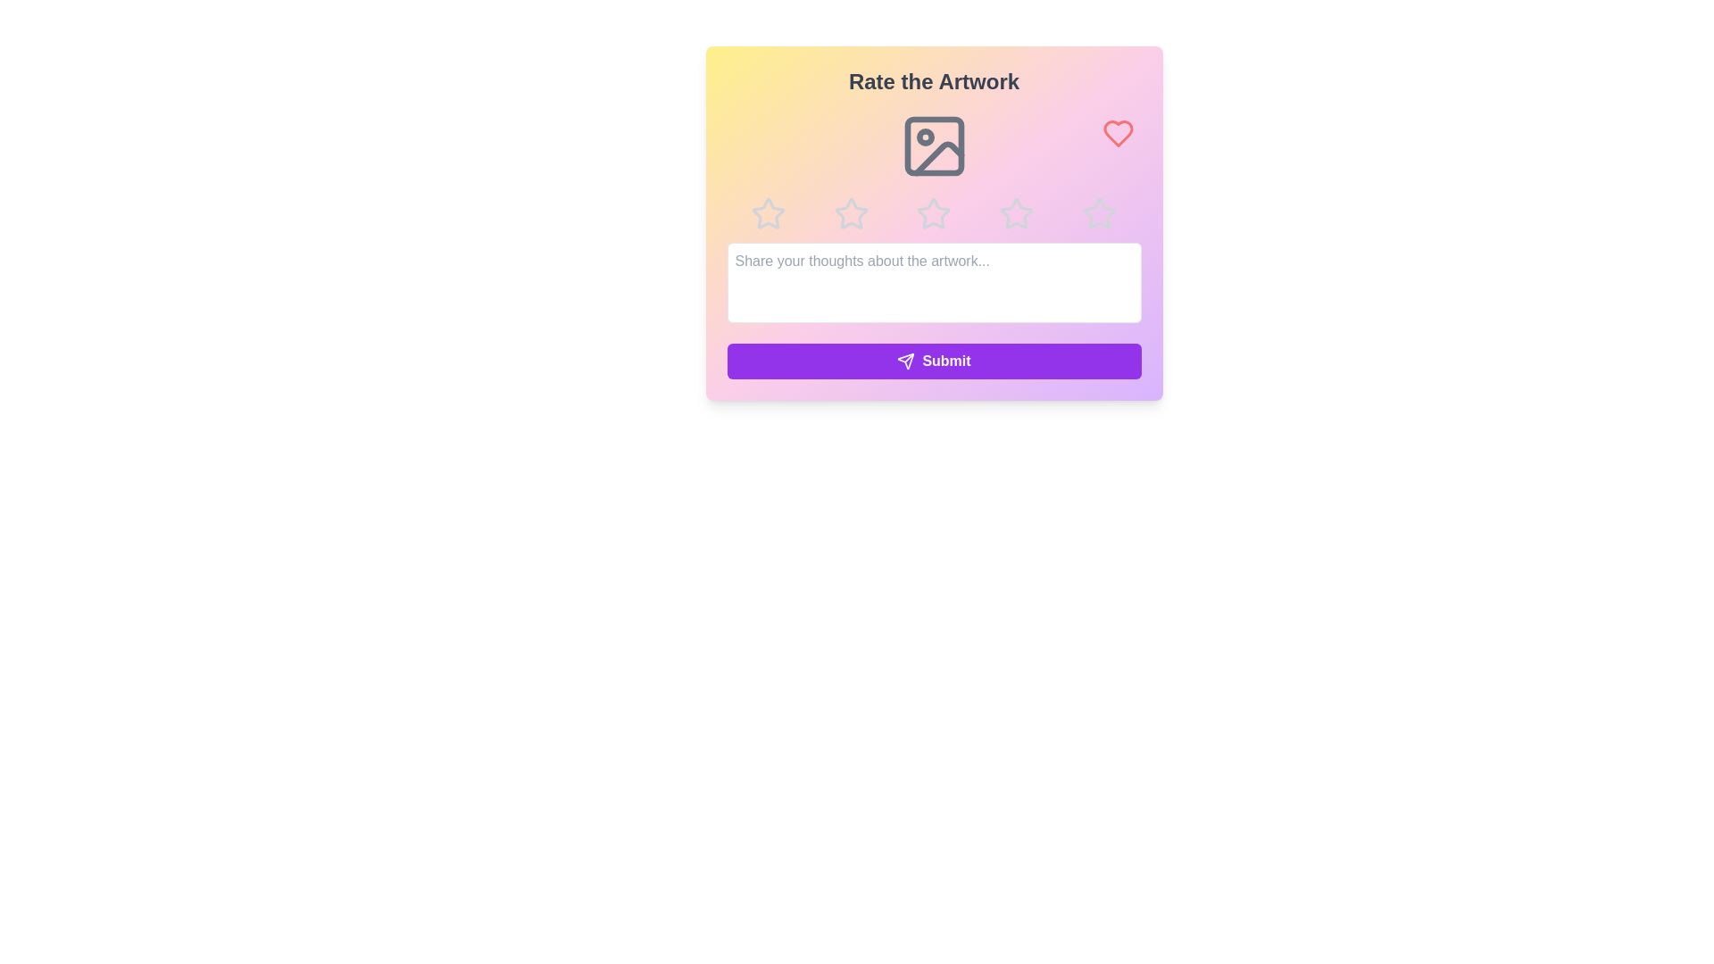 The height and width of the screenshot is (964, 1714). What do you see at coordinates (933, 145) in the screenshot?
I see `the artwork placeholder image to view it` at bounding box center [933, 145].